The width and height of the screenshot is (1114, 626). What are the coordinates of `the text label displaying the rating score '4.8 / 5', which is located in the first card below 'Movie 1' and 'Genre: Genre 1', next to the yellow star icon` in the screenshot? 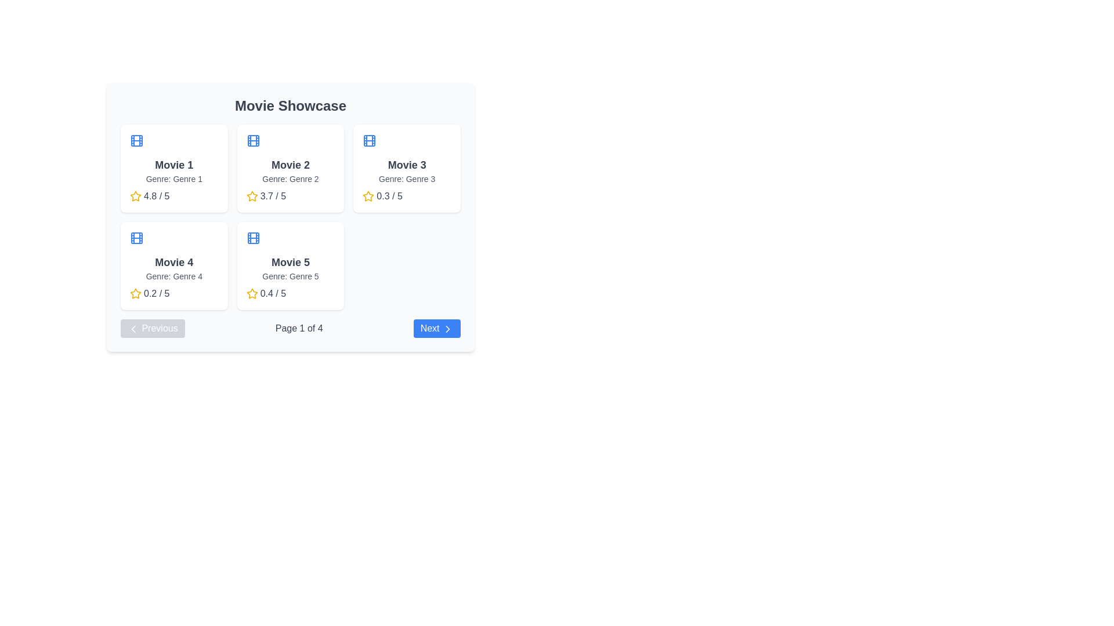 It's located at (156, 196).